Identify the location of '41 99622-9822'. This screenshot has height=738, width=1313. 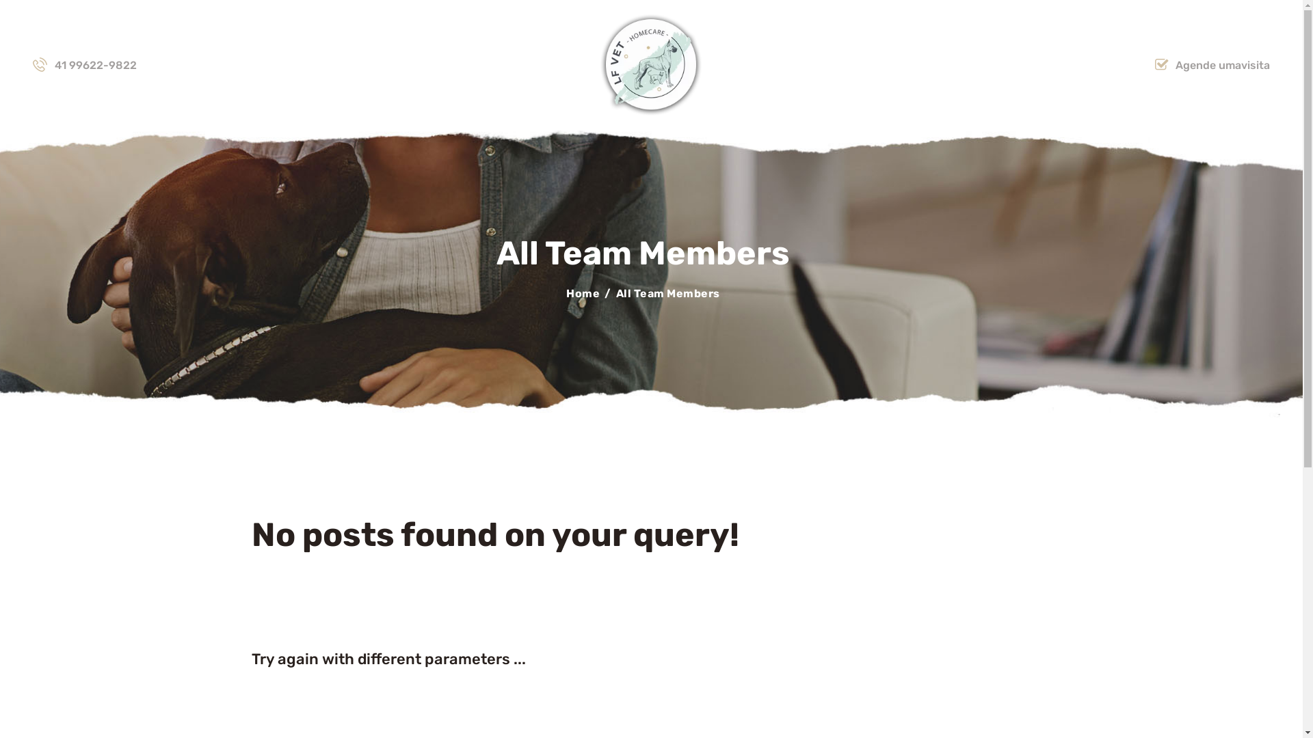
(84, 65).